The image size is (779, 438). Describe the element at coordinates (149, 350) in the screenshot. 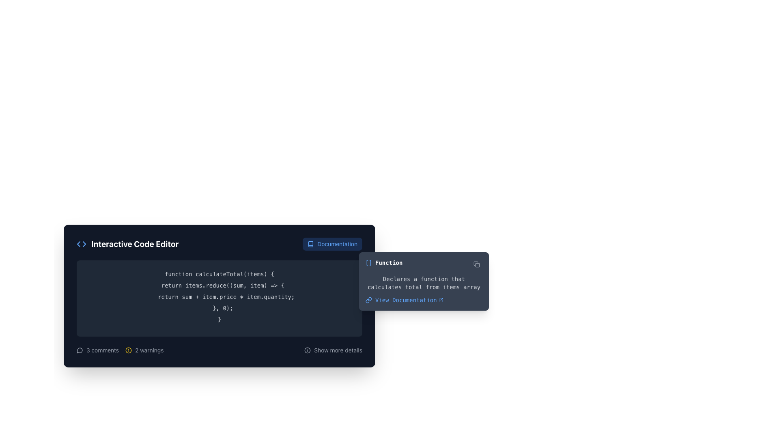

I see `text label displaying '2 warnings' which is positioned to the right of a yellow warning icon in the interactive code editor area` at that location.